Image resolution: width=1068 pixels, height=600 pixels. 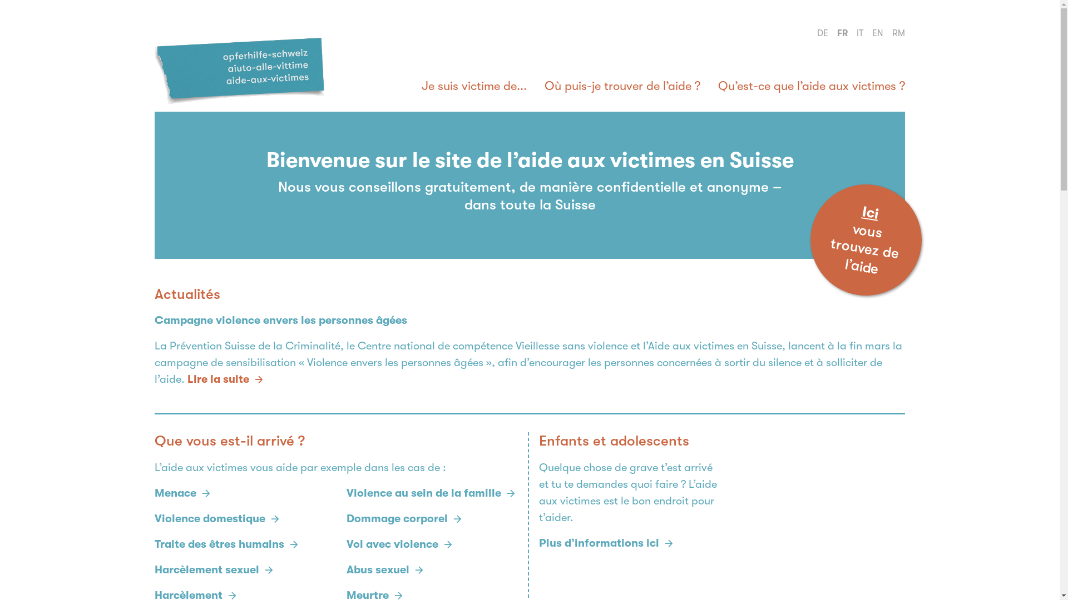 I want to click on 'Abus sexuel', so click(x=346, y=569).